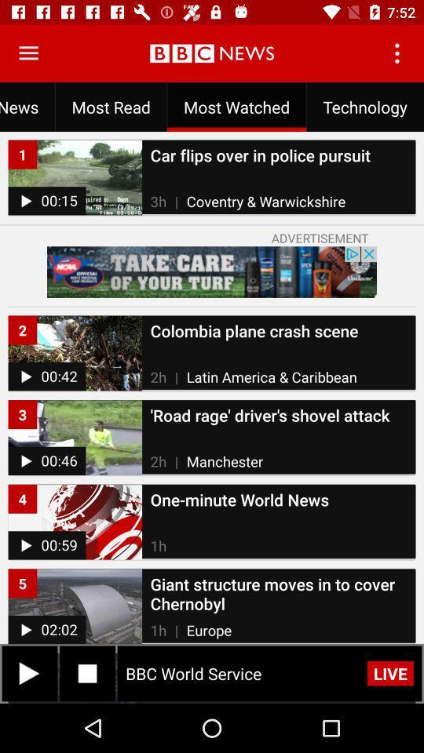 This screenshot has width=424, height=753. Describe the element at coordinates (212, 272) in the screenshot. I see `click on the banner` at that location.